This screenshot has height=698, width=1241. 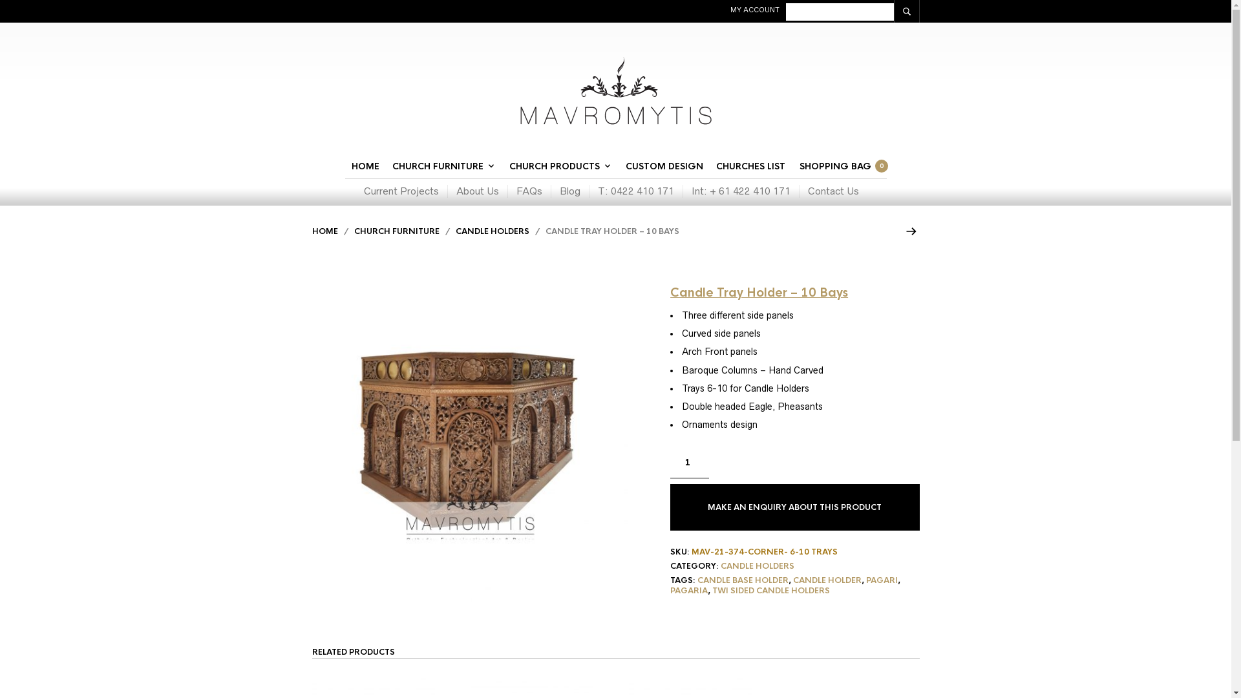 What do you see at coordinates (405, 191) in the screenshot?
I see `'Current Projects'` at bounding box center [405, 191].